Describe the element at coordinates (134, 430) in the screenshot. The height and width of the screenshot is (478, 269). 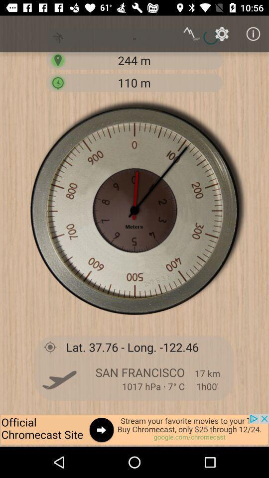
I see `its a advertisement` at that location.